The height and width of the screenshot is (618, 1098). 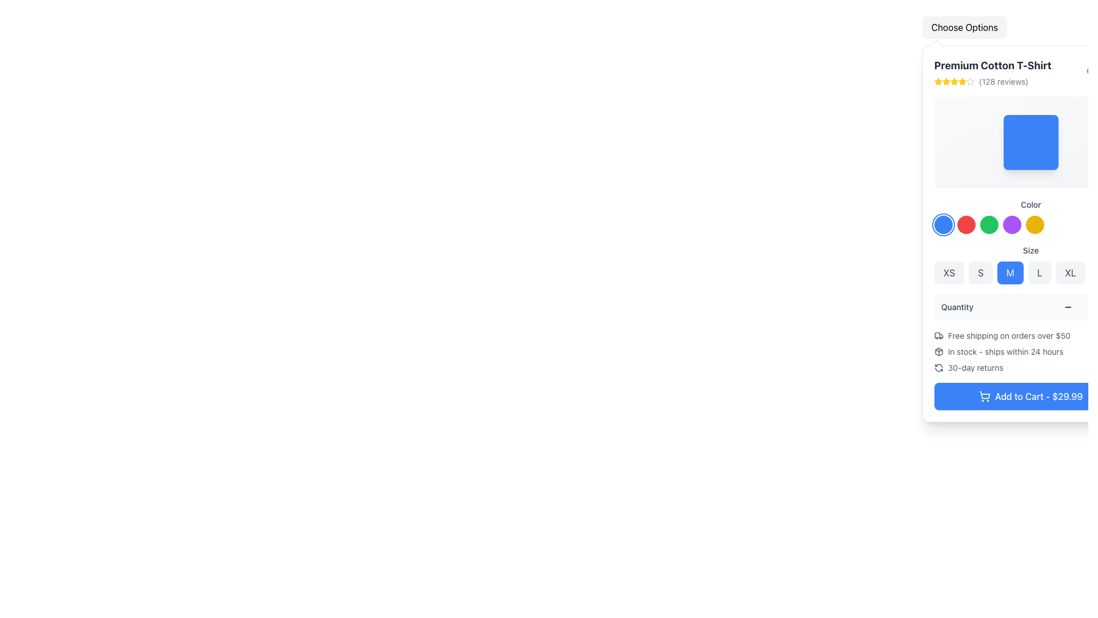 I want to click on the refresh icon related to the '30-day returns' functionality, located in the rightmost column below the product details section, so click(x=938, y=368).